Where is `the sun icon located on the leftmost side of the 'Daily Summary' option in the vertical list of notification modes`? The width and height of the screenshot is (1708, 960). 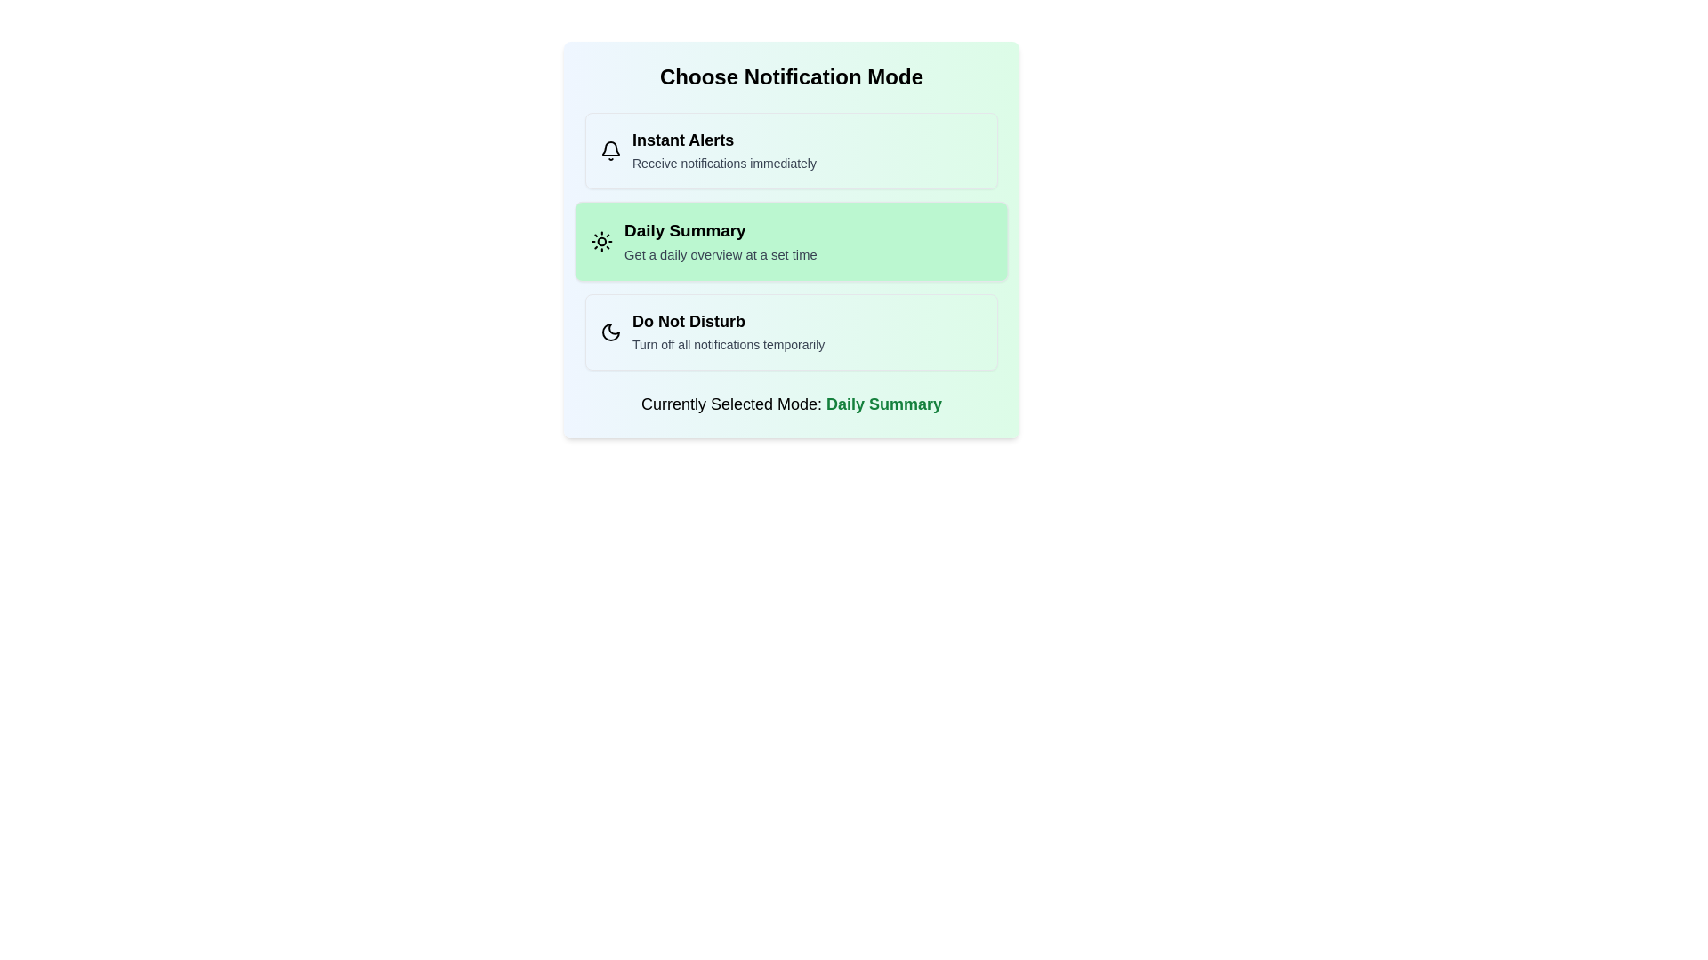
the sun icon located on the leftmost side of the 'Daily Summary' option in the vertical list of notification modes is located at coordinates (601, 242).